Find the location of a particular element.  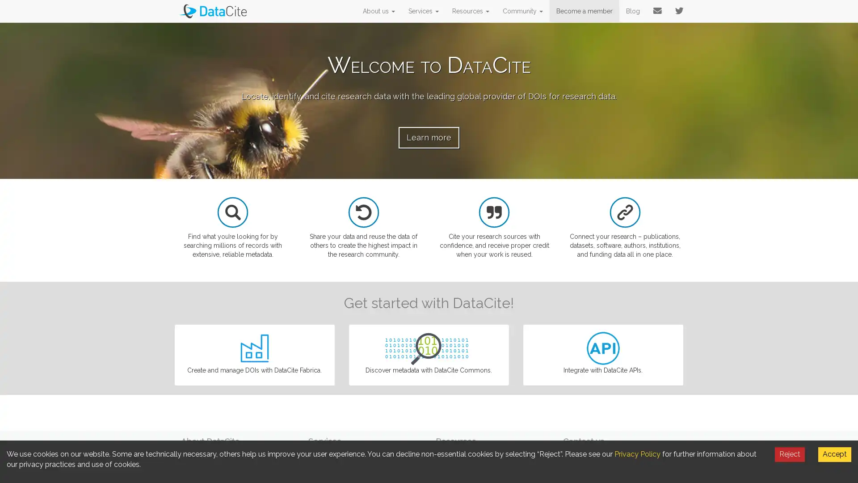

Decline cookies is located at coordinates (790, 454).